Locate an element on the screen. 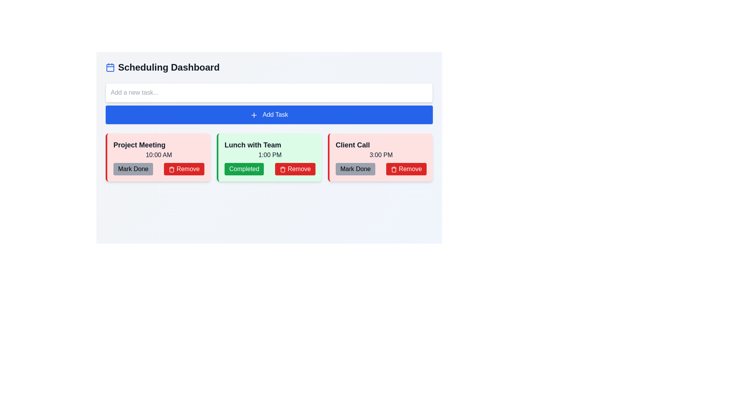 The width and height of the screenshot is (746, 419). the Text Label that serves as a heading for a task item, located on a green-background card in the middle column, directly above the text '1:00 PM' is located at coordinates (270, 145).